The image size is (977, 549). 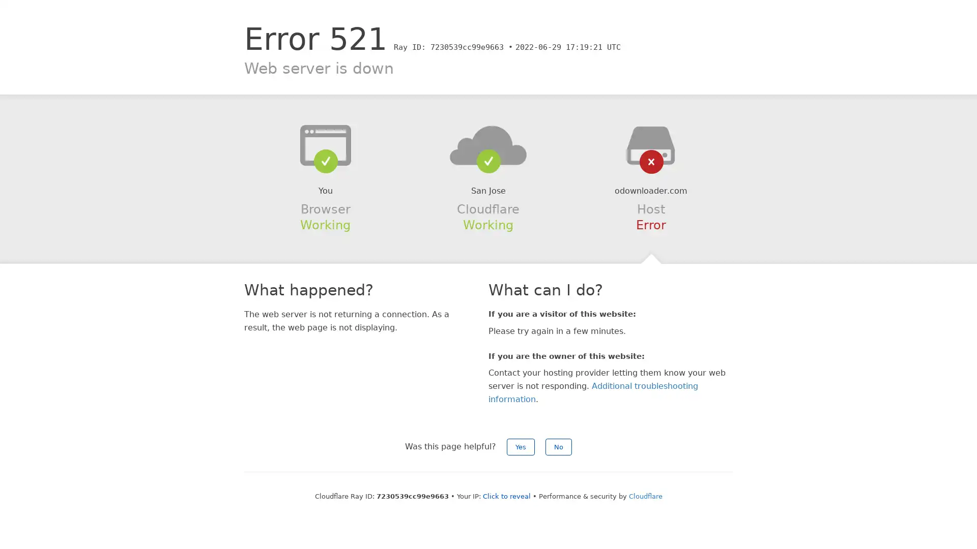 What do you see at coordinates (521, 446) in the screenshot?
I see `Yes` at bounding box center [521, 446].